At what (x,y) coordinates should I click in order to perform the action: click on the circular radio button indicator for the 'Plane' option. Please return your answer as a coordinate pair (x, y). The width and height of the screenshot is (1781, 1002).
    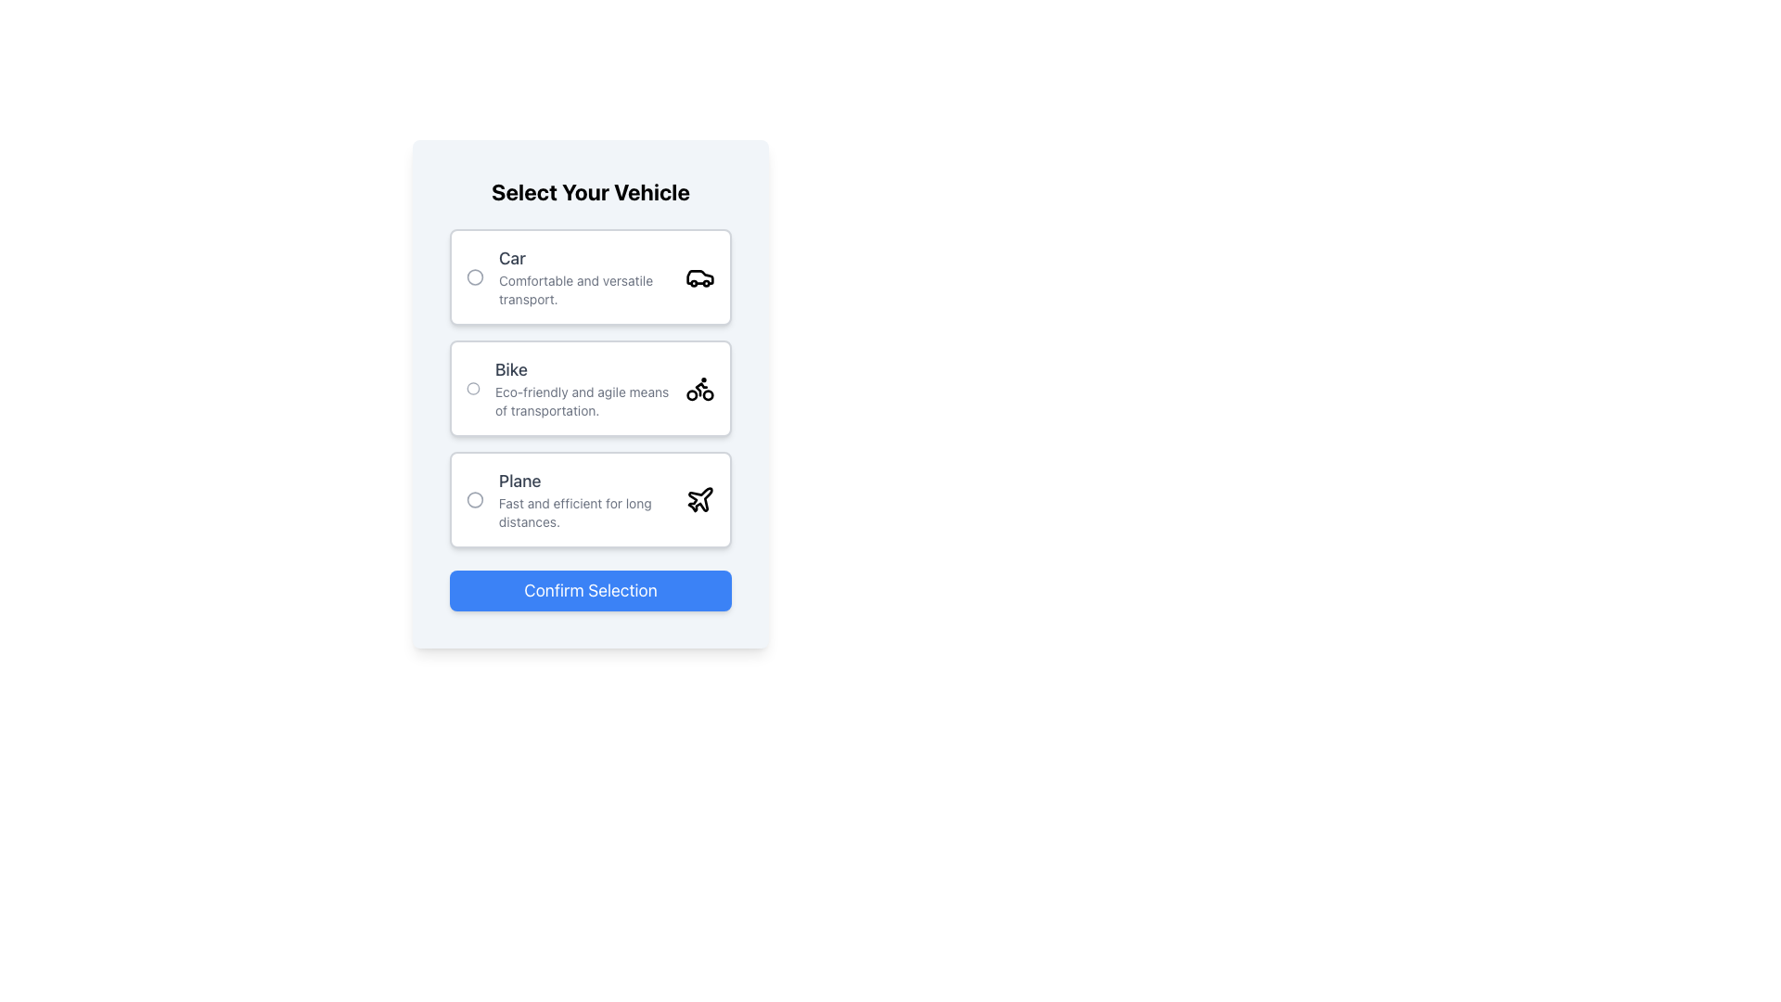
    Looking at the image, I should click on (475, 499).